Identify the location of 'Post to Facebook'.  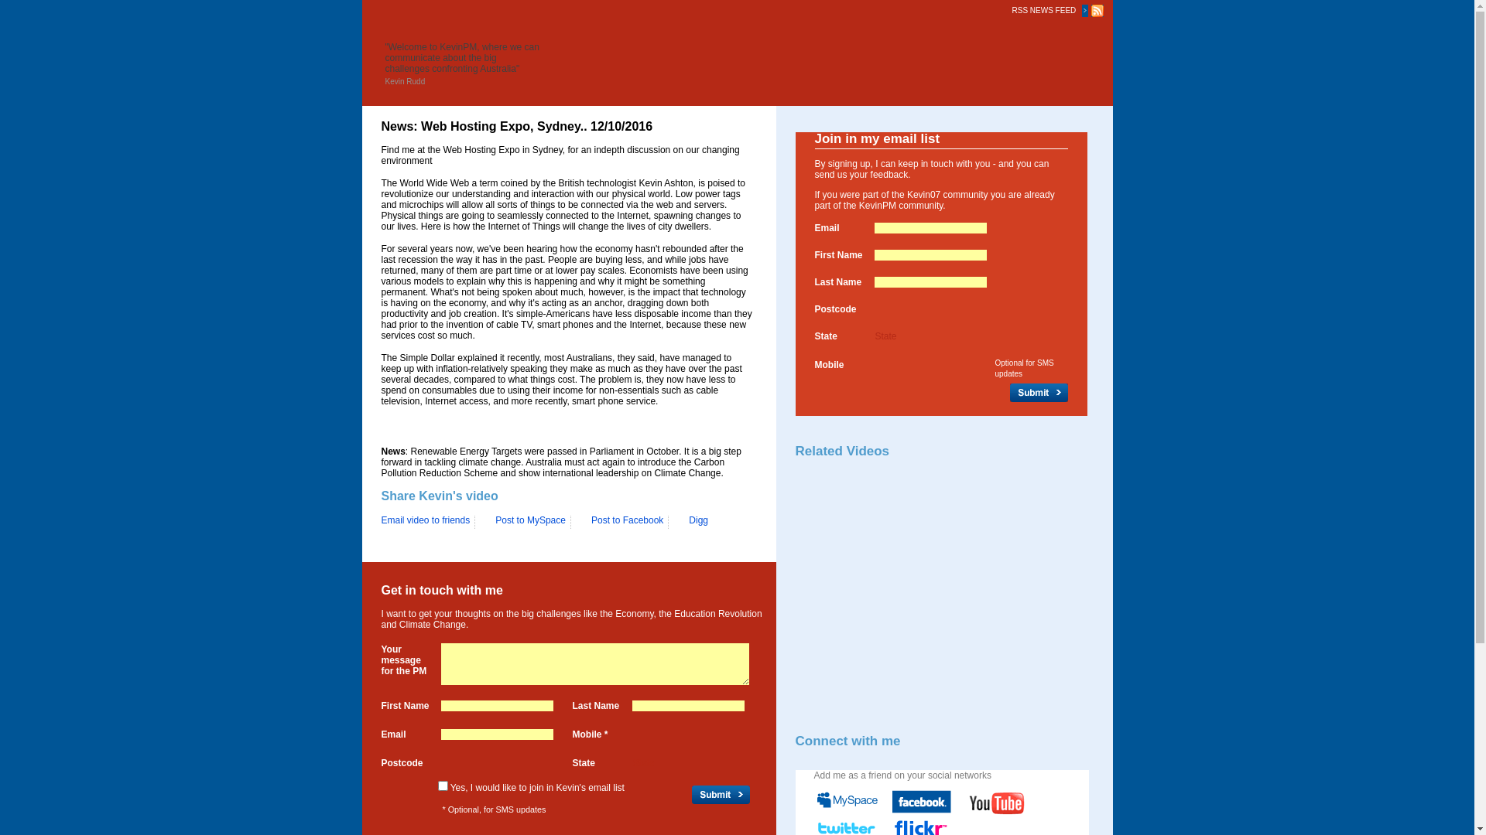
(621, 522).